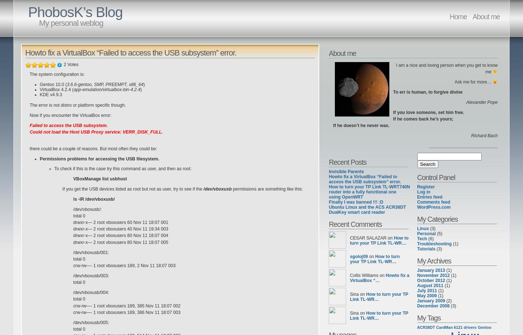  I want to click on 'If you get the USB devices listed as root but not as user, try to see if the', so click(132, 188).